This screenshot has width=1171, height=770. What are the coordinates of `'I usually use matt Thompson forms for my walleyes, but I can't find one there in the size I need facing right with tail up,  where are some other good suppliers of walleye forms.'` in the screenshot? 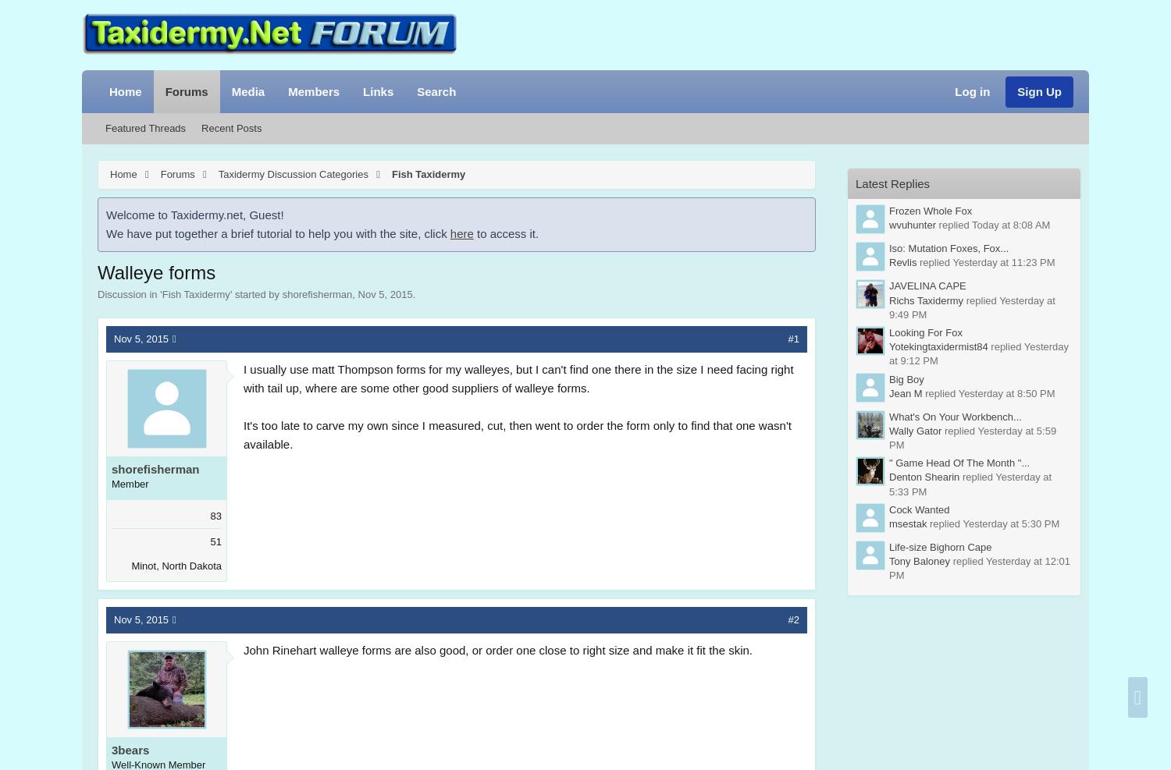 It's located at (518, 377).